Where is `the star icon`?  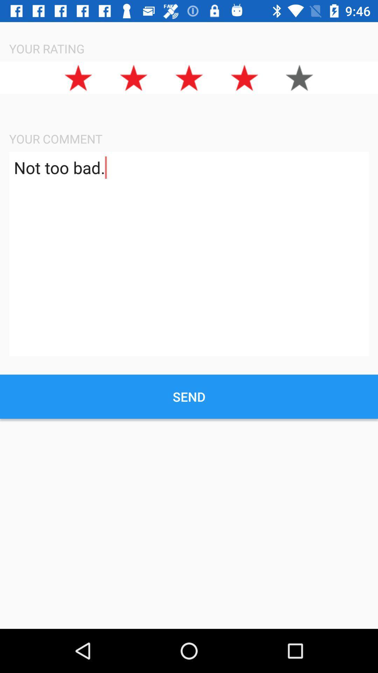 the star icon is located at coordinates (299, 77).